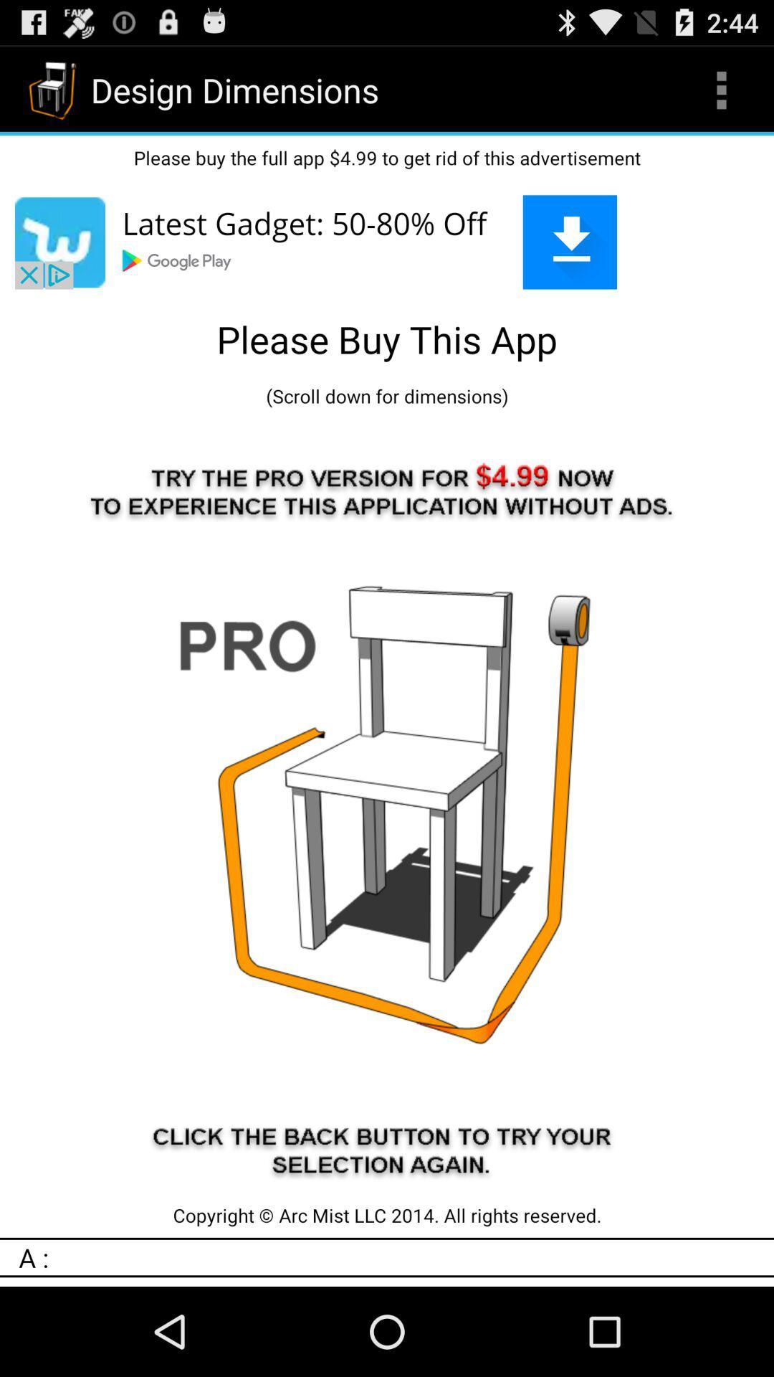 The image size is (774, 1377). What do you see at coordinates (387, 805) in the screenshot?
I see `the icon at the center` at bounding box center [387, 805].